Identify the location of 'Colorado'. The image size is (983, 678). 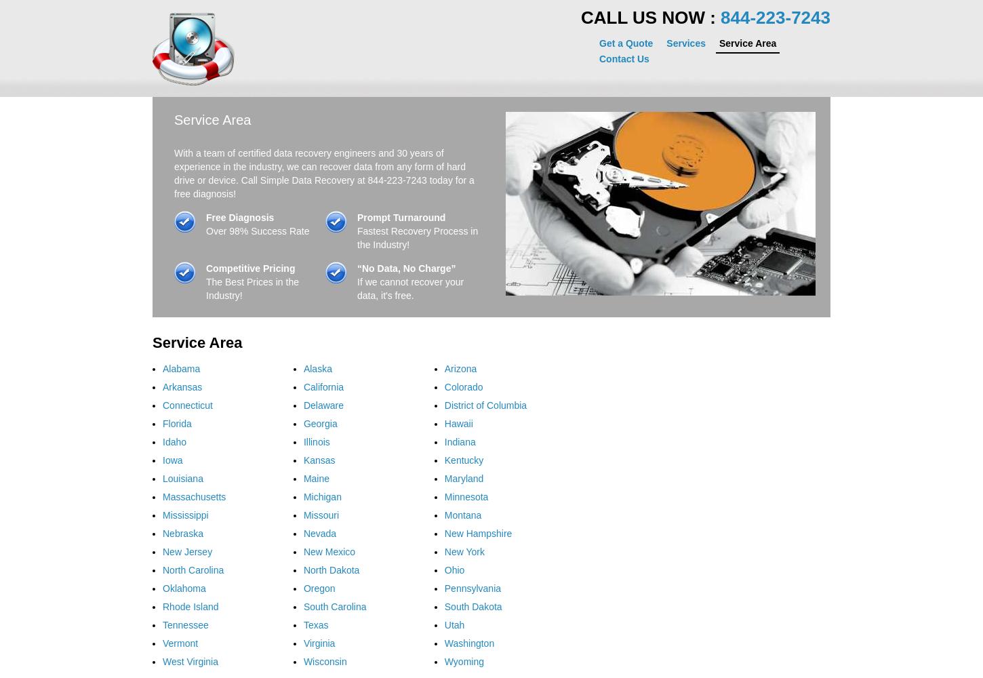
(462, 386).